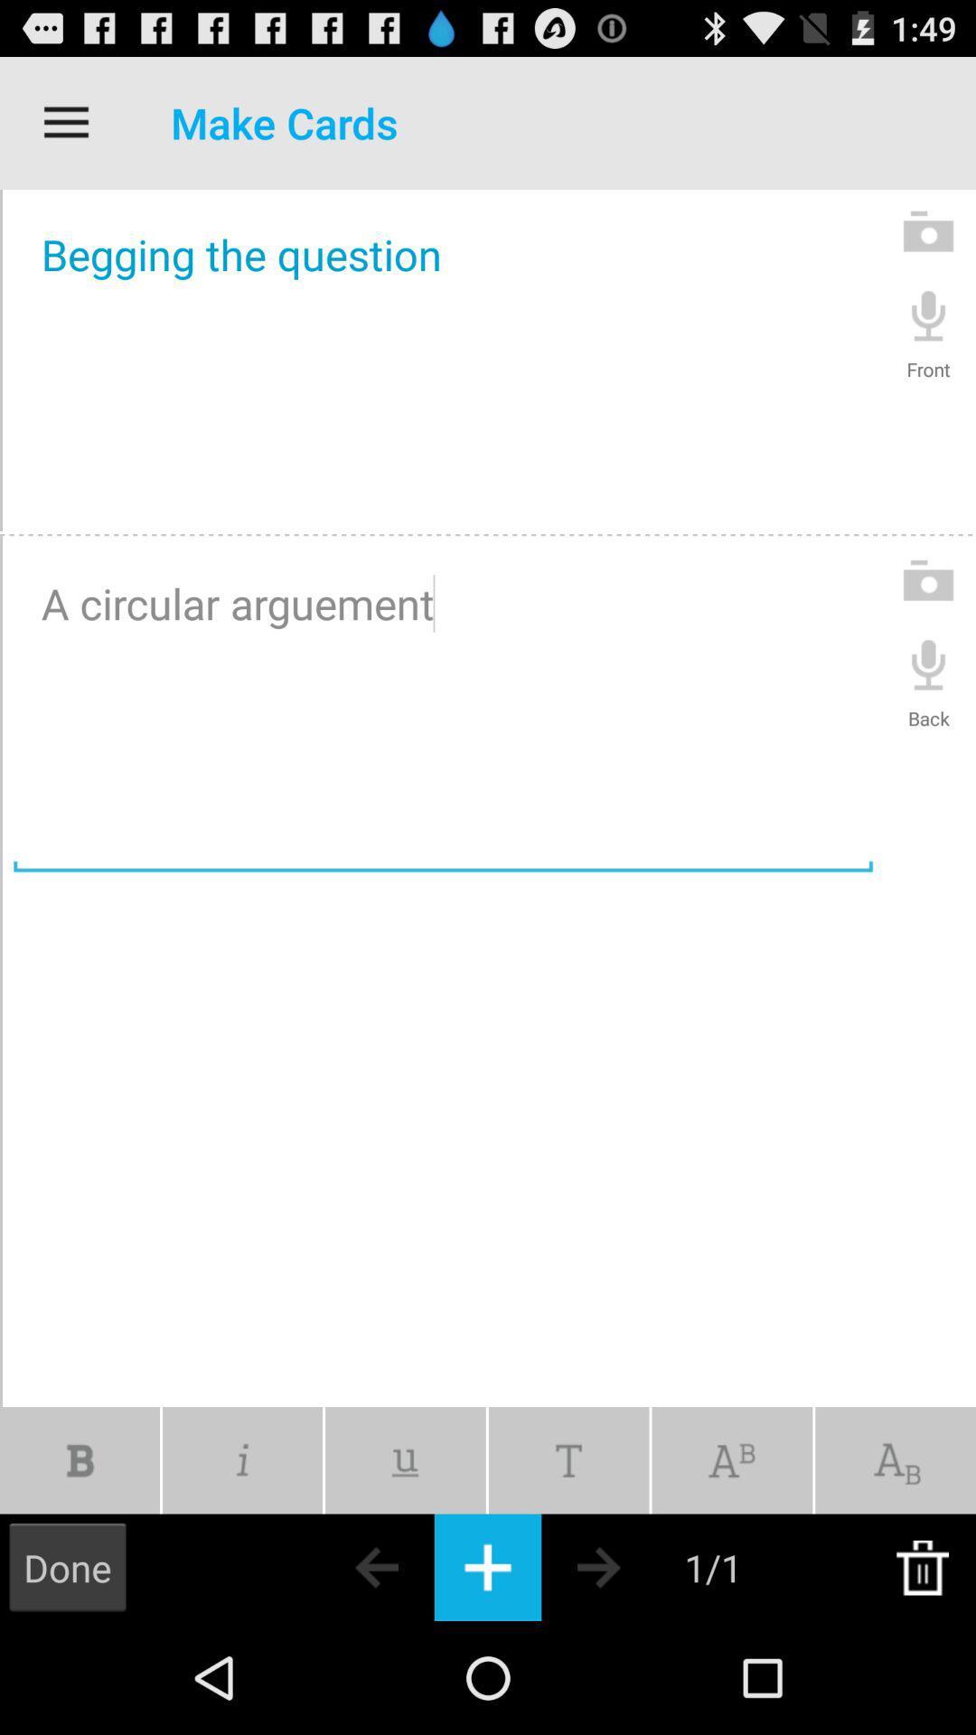  What do you see at coordinates (404, 1460) in the screenshot?
I see `the third button which is left to the button t` at bounding box center [404, 1460].